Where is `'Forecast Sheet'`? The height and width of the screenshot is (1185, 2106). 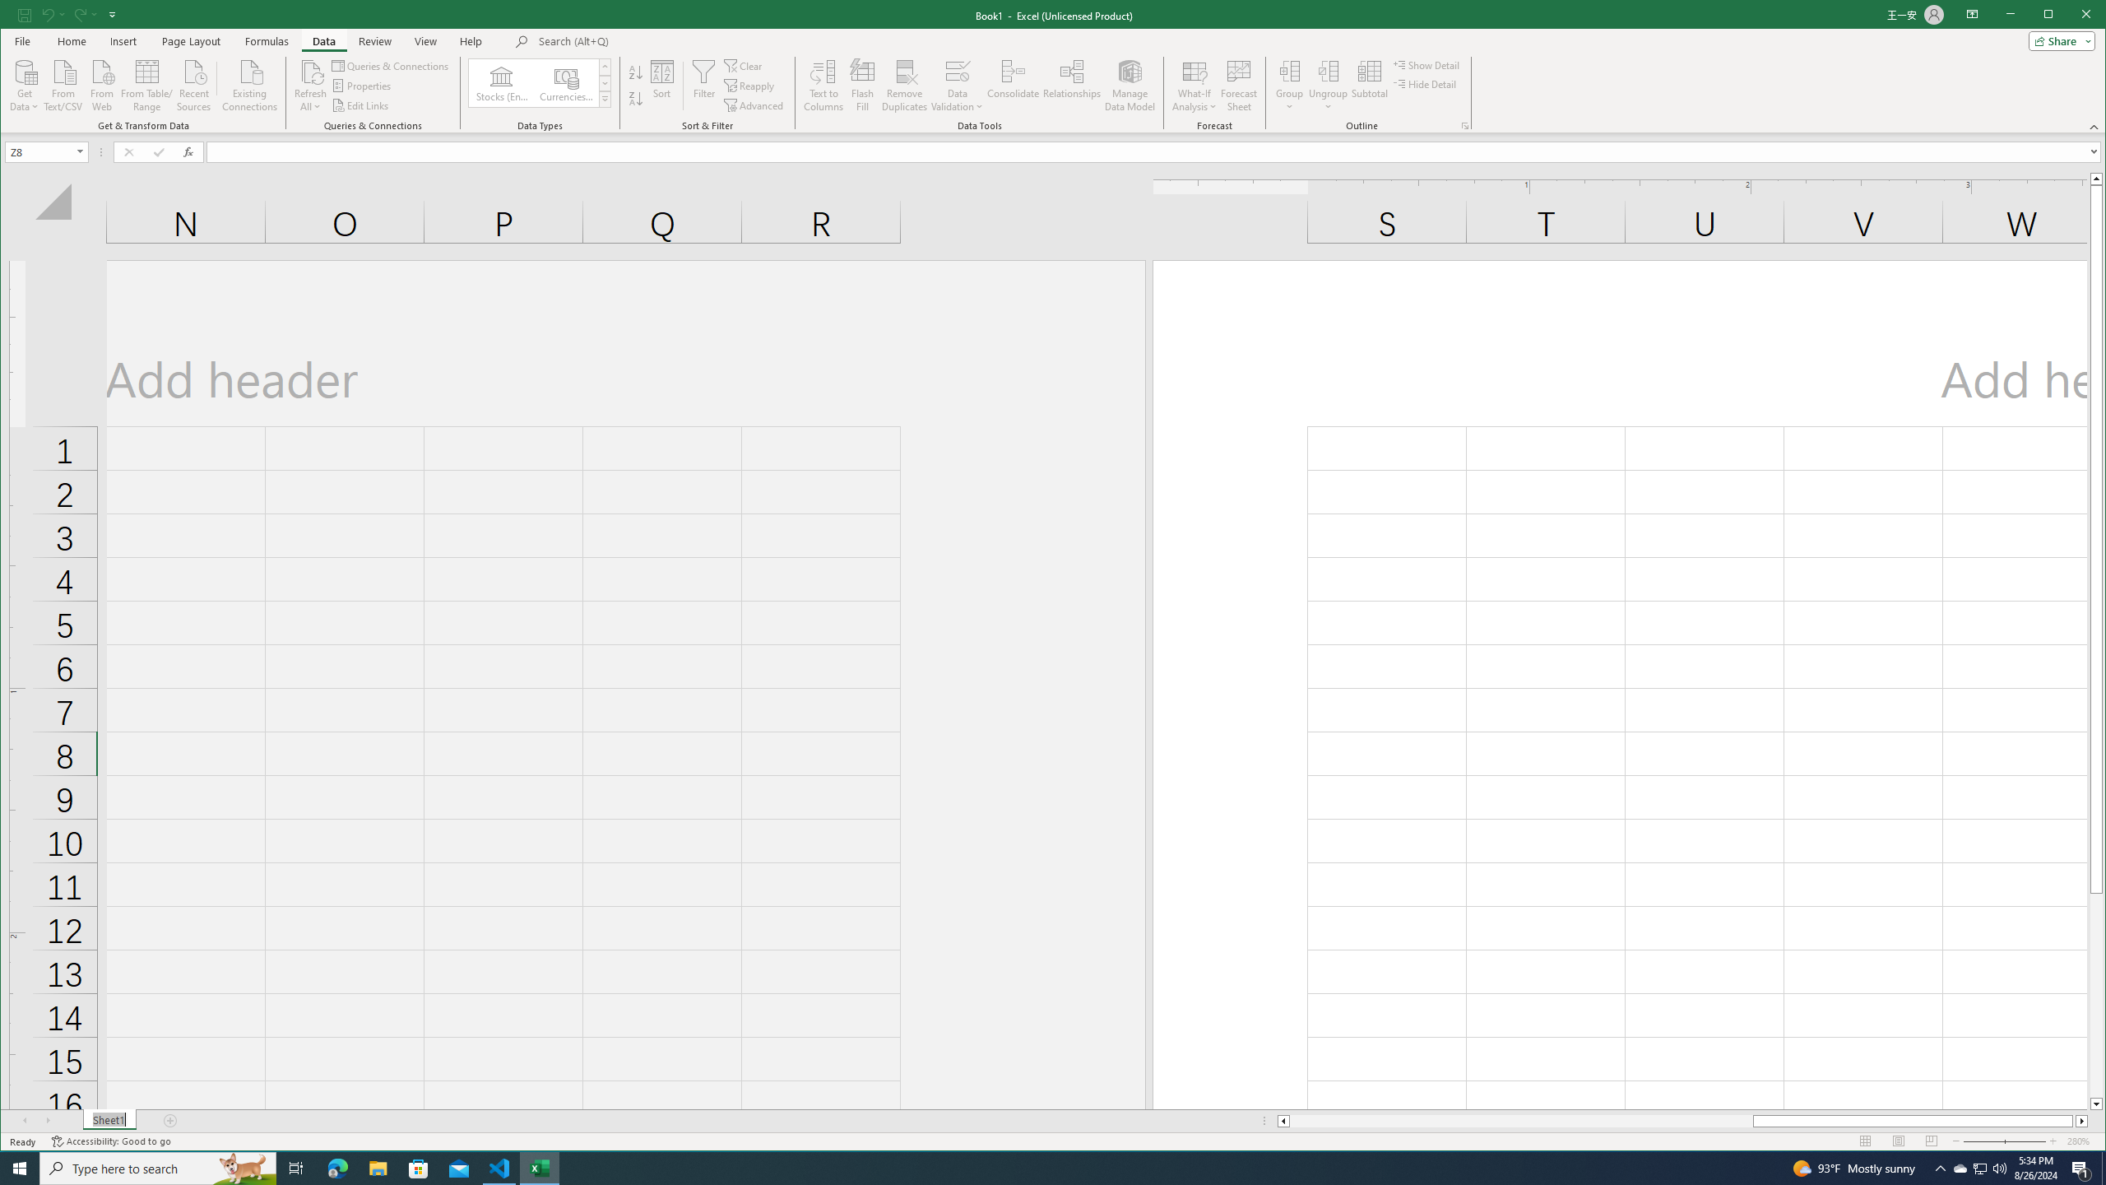
'Forecast Sheet' is located at coordinates (1238, 85).